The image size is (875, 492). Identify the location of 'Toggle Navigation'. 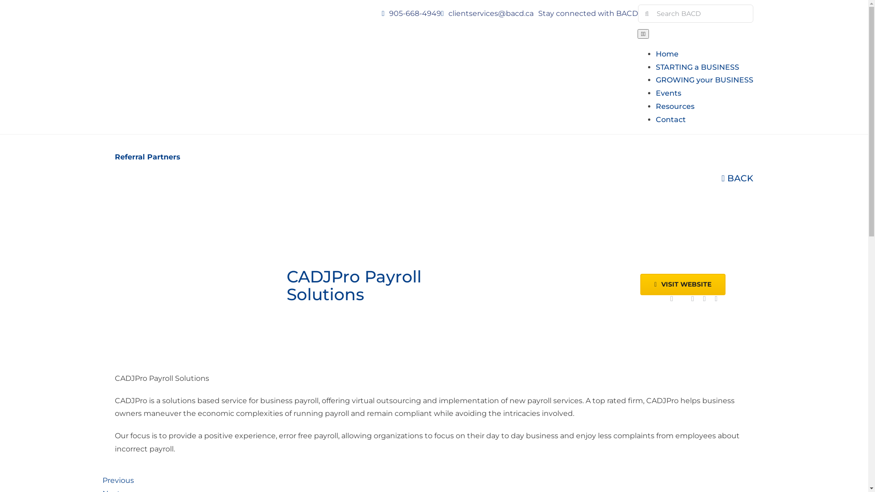
(643, 33).